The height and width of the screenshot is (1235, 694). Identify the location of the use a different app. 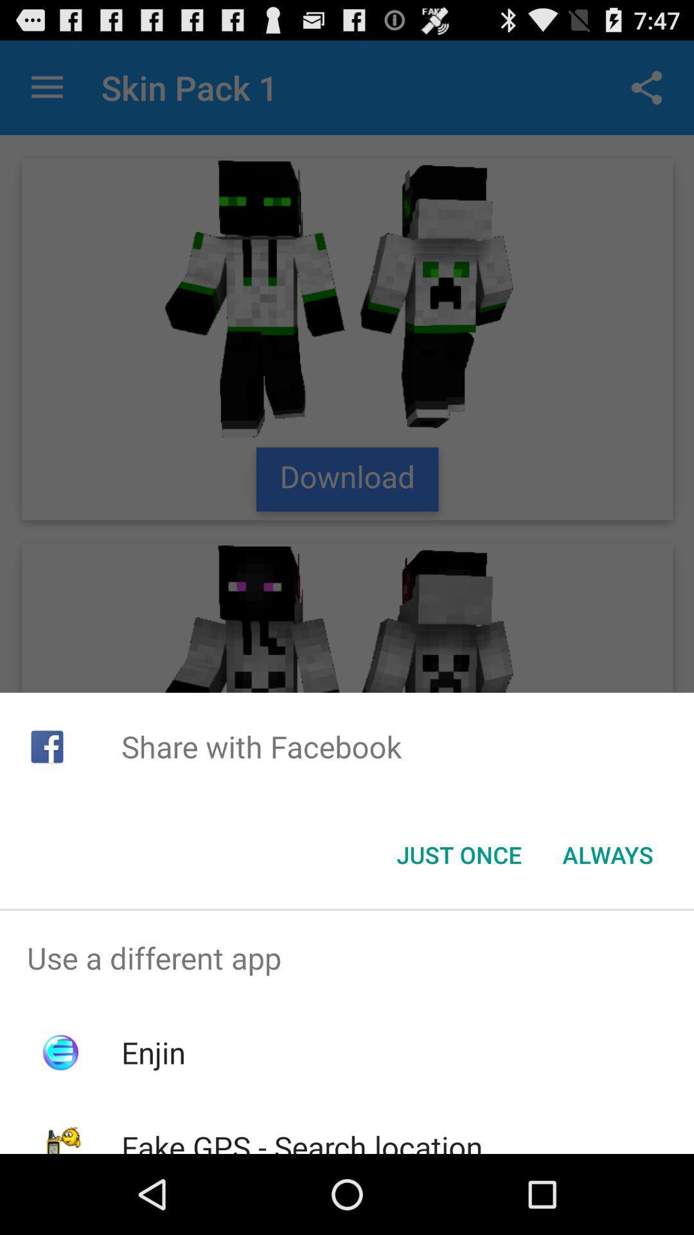
(347, 958).